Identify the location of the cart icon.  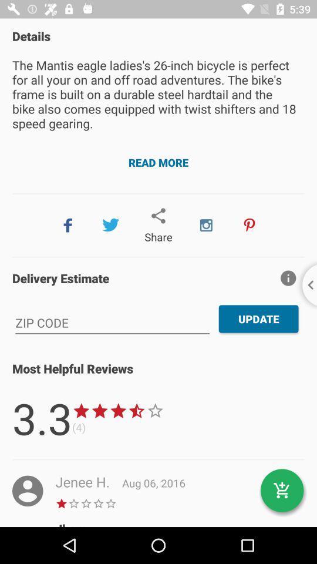
(281, 491).